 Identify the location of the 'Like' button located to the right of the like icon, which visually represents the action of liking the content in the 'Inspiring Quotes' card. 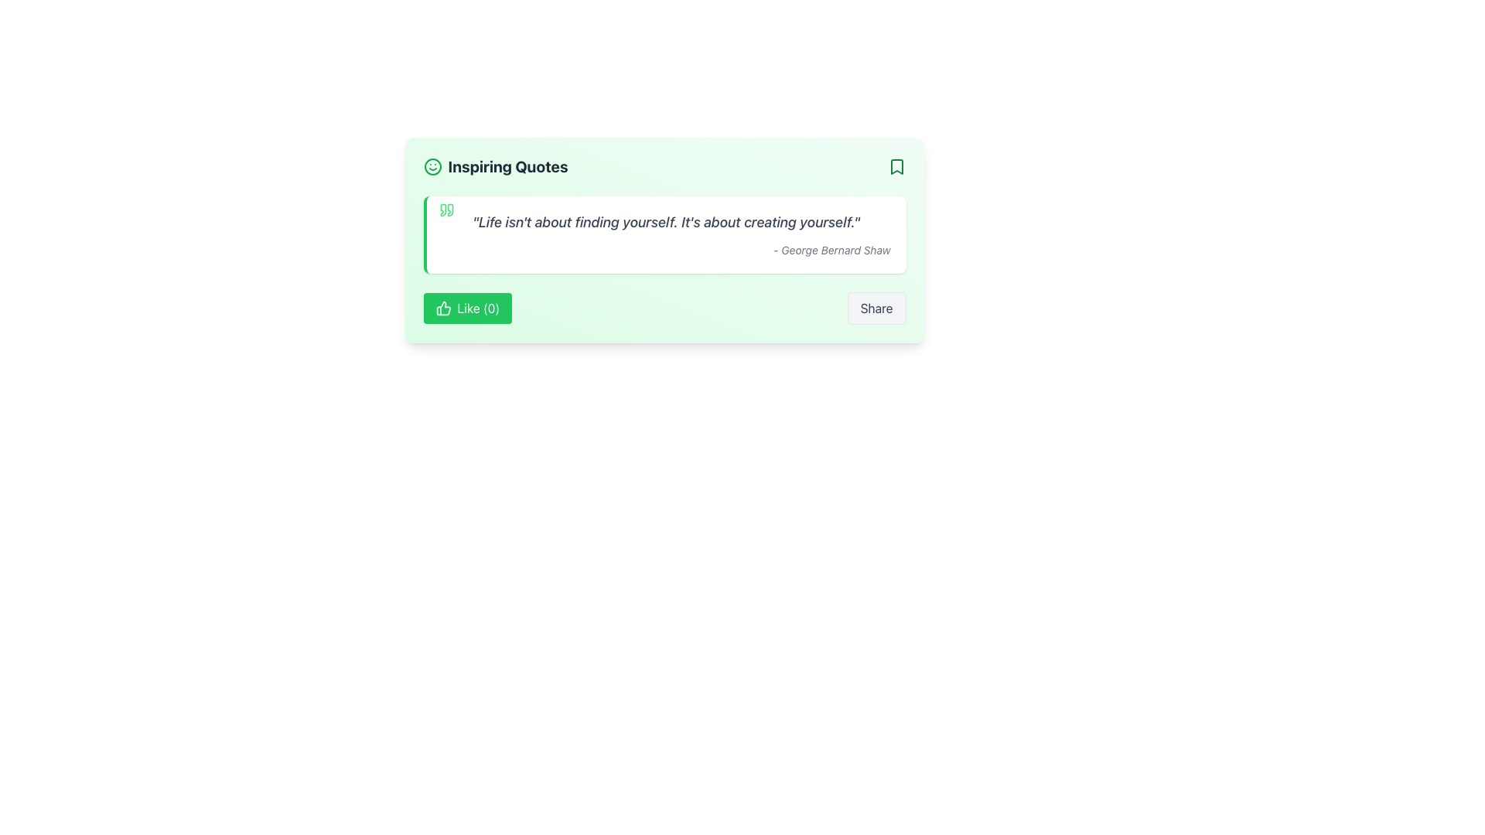
(442, 308).